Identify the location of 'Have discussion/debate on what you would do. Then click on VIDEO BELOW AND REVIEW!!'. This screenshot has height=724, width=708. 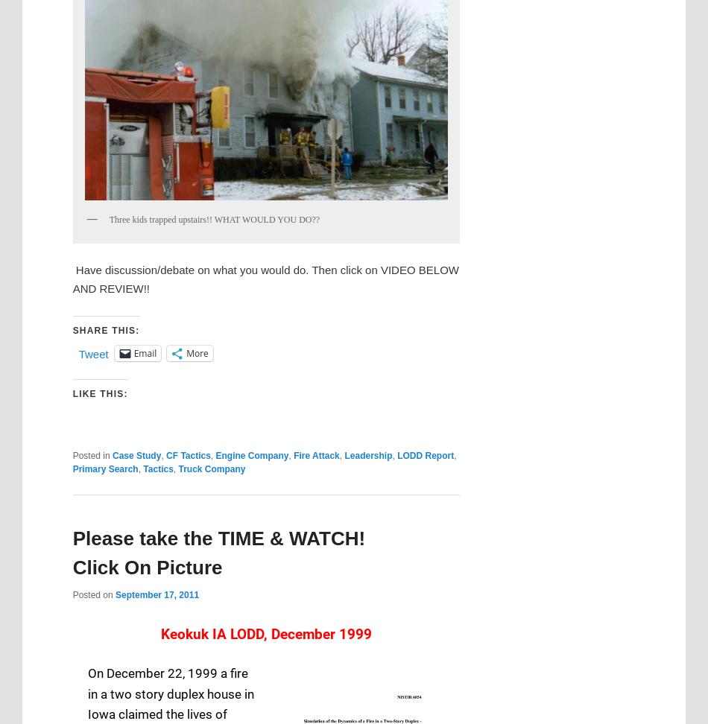
(72, 279).